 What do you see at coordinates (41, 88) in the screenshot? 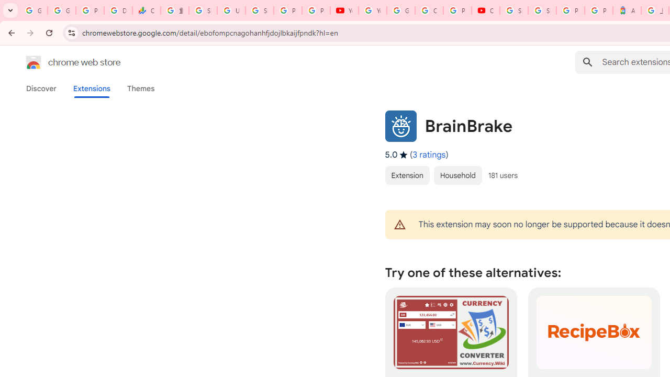
I see `'Discover'` at bounding box center [41, 88].